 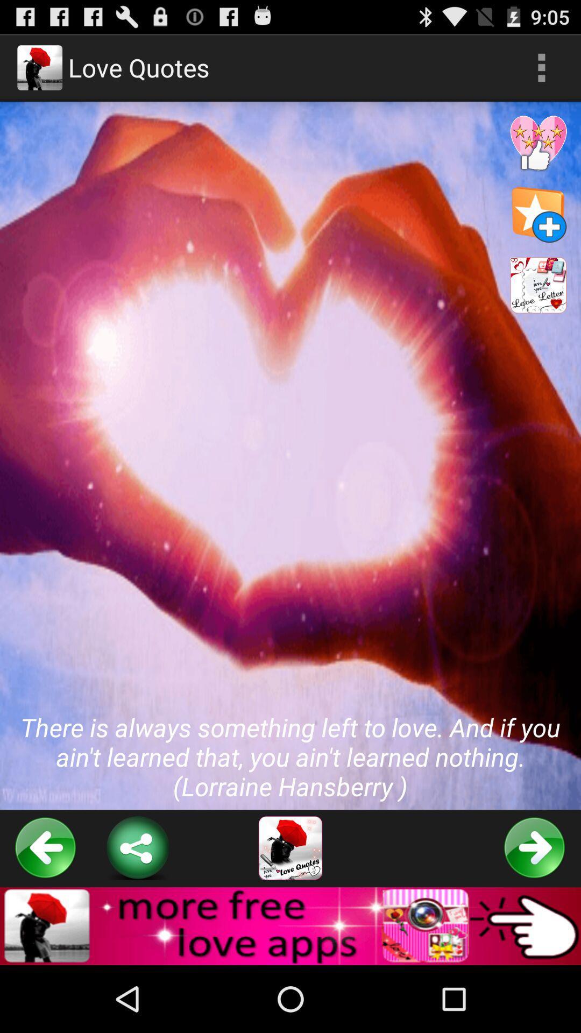 What do you see at coordinates (290, 456) in the screenshot?
I see `there is always` at bounding box center [290, 456].